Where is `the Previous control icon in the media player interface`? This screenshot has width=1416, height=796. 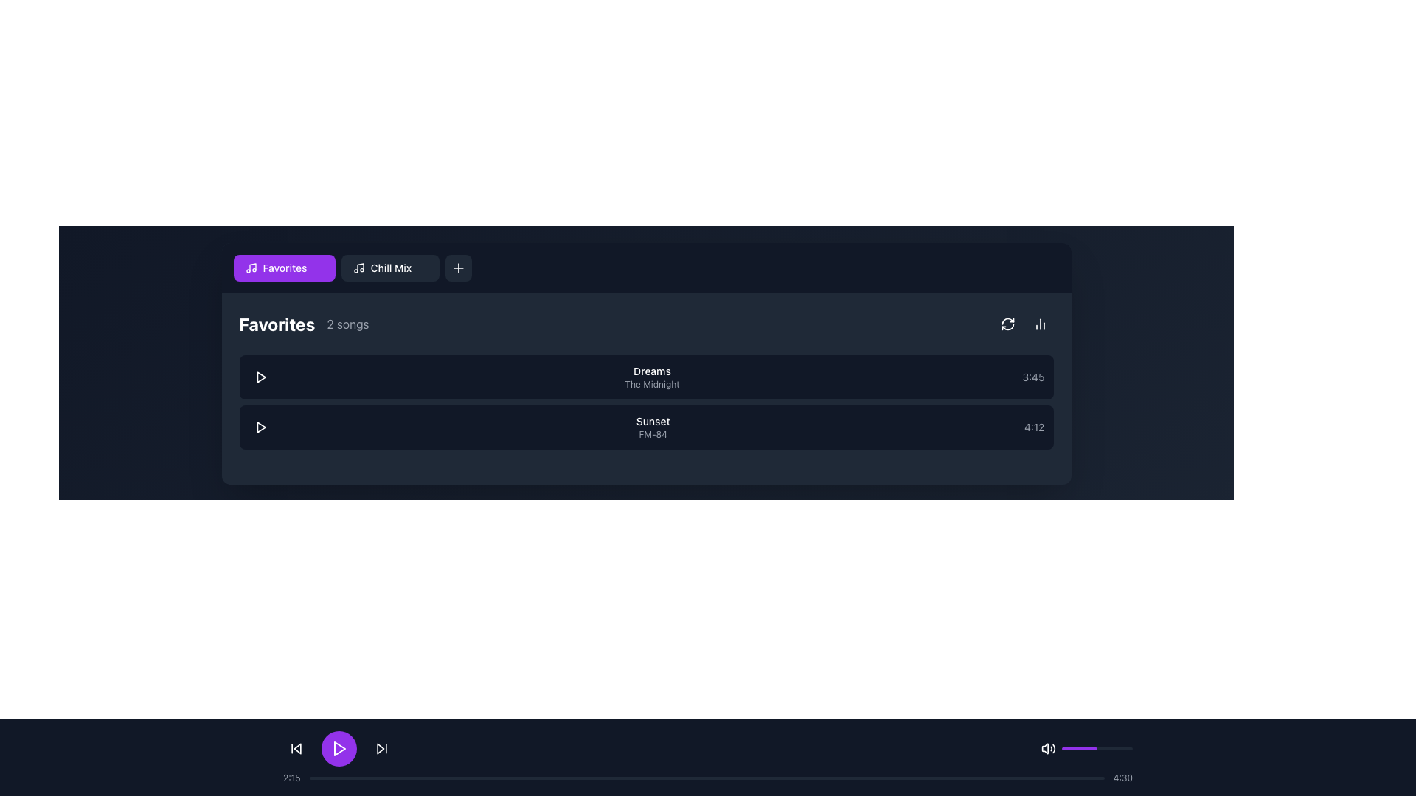
the Previous control icon in the media player interface is located at coordinates (296, 748).